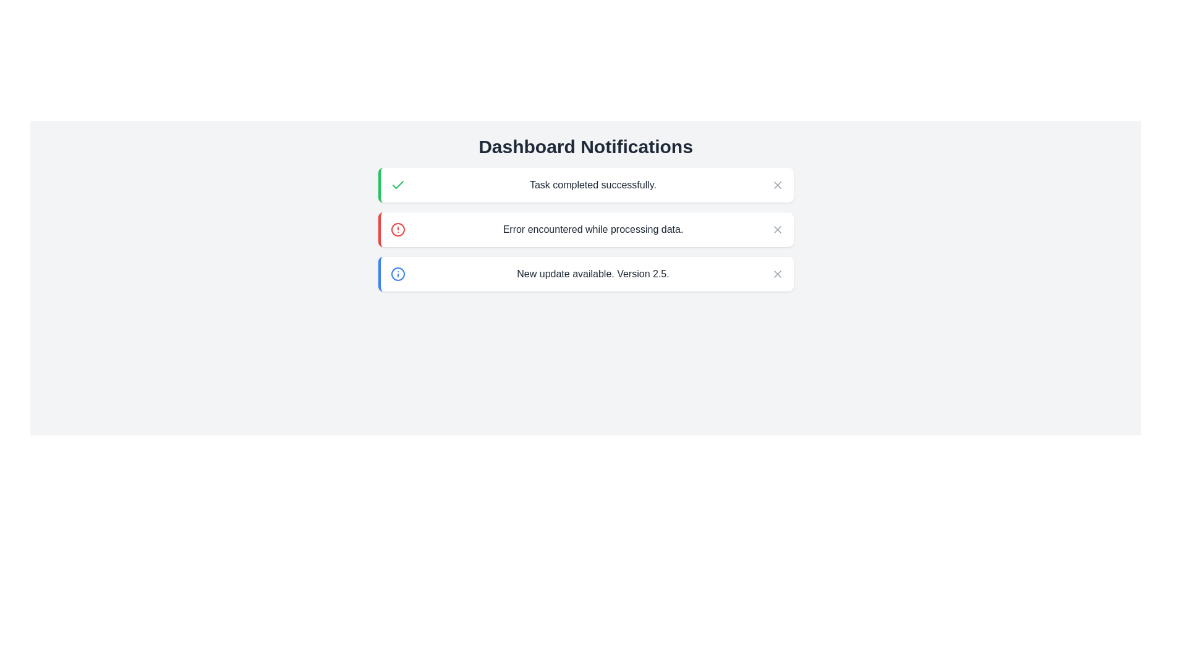  Describe the element at coordinates (398, 185) in the screenshot. I see `the success icon located on the left side of the notification box that indicates 'Task completed successfully.'` at that location.